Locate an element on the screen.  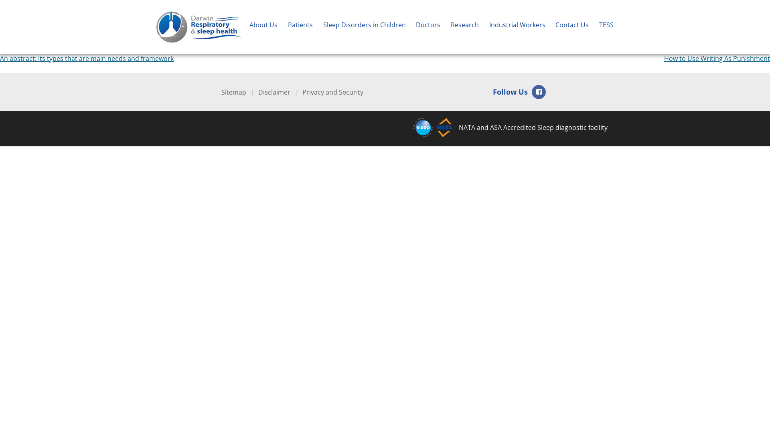
'Doctors' is located at coordinates (428, 26).